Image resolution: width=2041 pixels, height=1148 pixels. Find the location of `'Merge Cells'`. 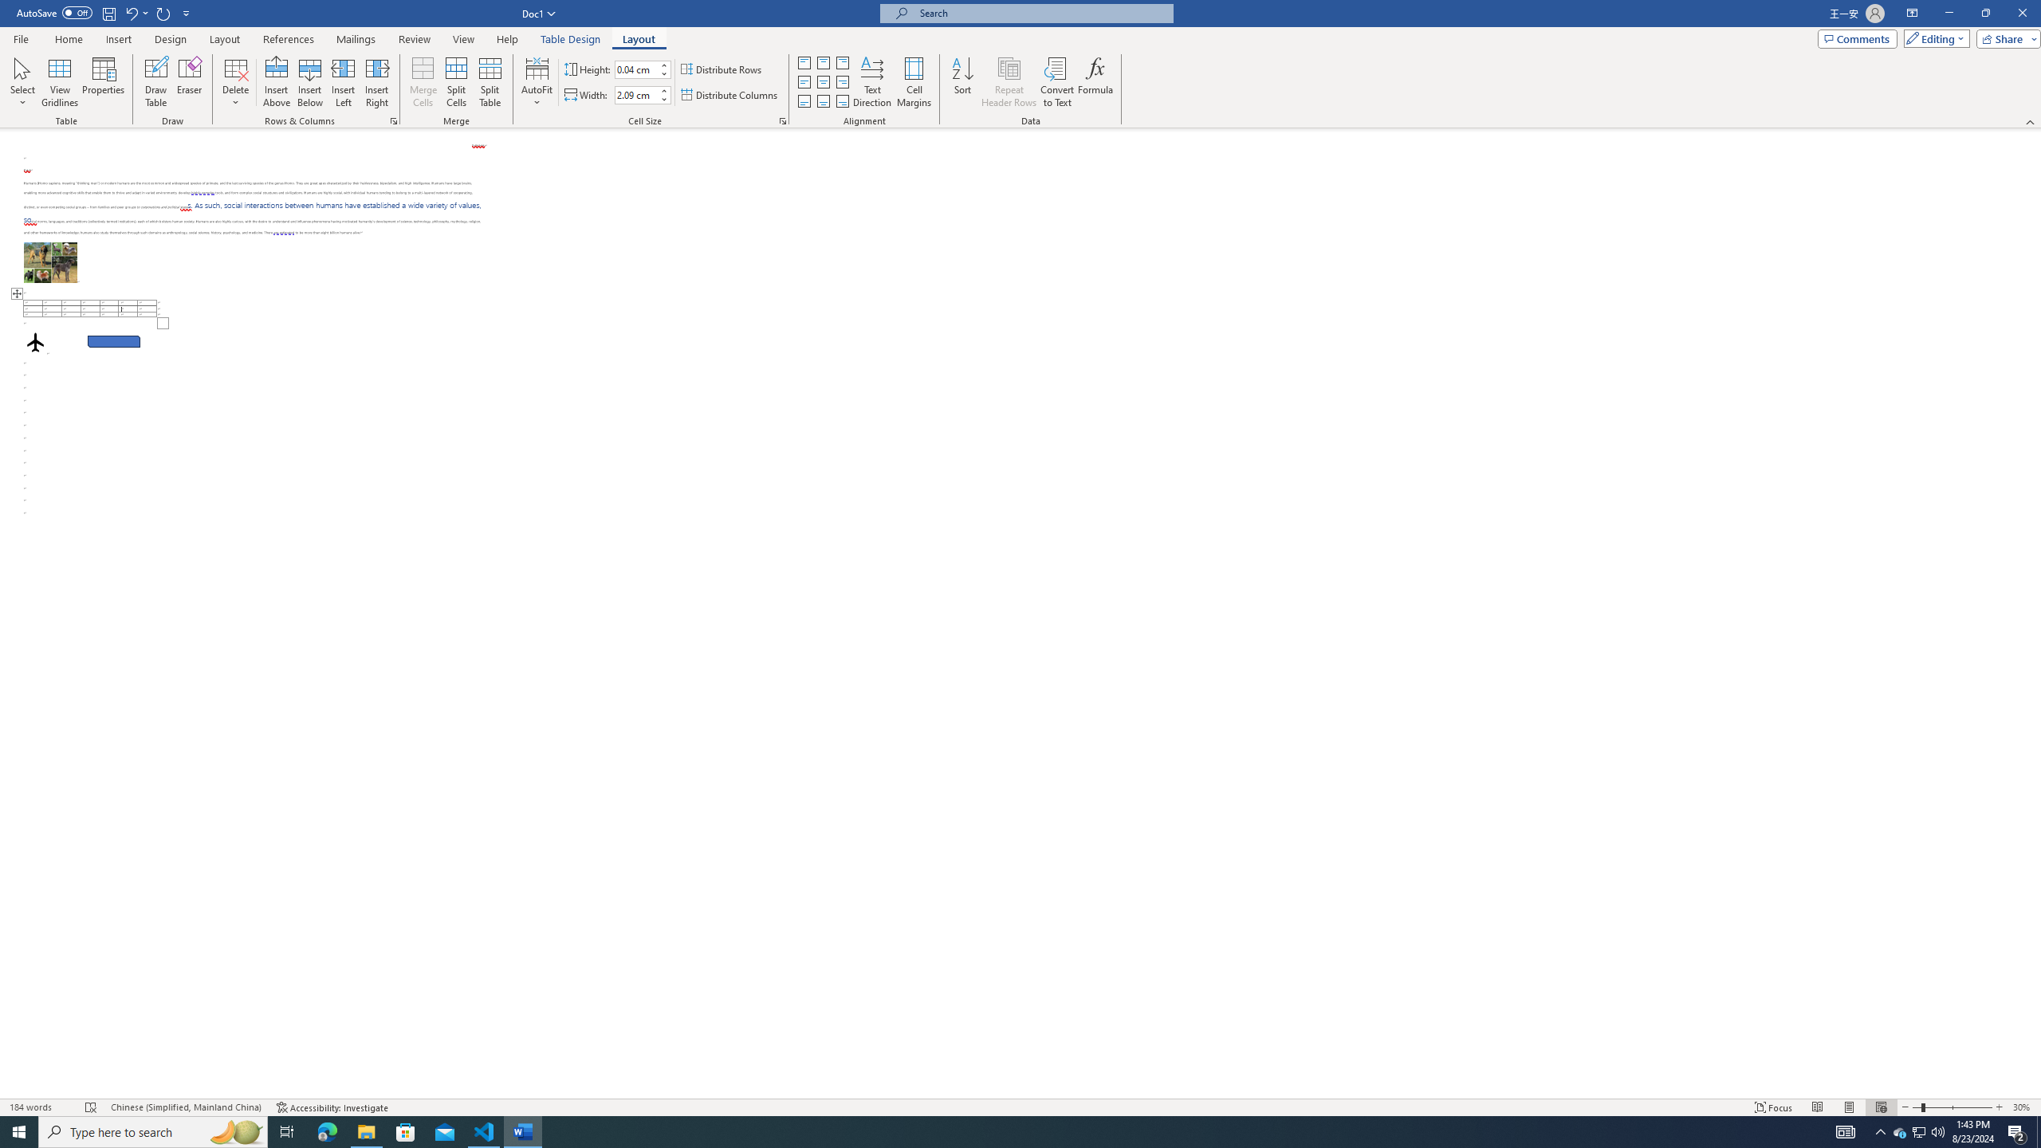

'Merge Cells' is located at coordinates (423, 82).